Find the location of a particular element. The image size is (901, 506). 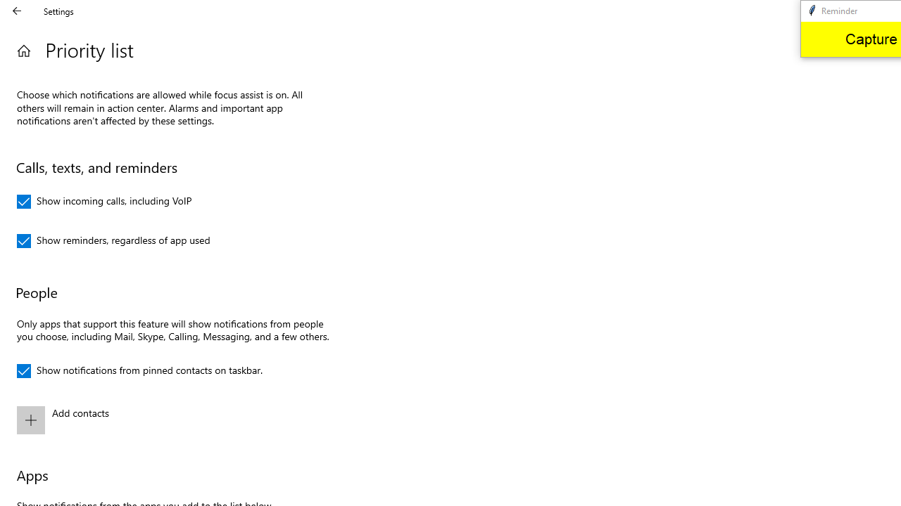

'Show incoming calls, including VoIP' is located at coordinates (103, 201).